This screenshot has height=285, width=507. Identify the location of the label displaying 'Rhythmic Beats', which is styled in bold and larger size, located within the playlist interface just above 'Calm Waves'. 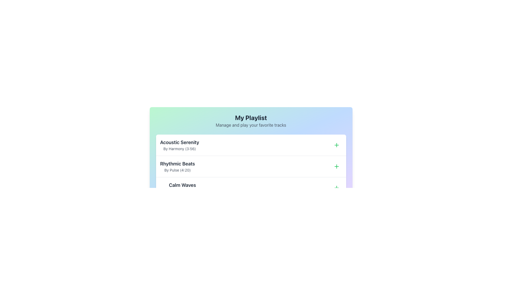
(177, 164).